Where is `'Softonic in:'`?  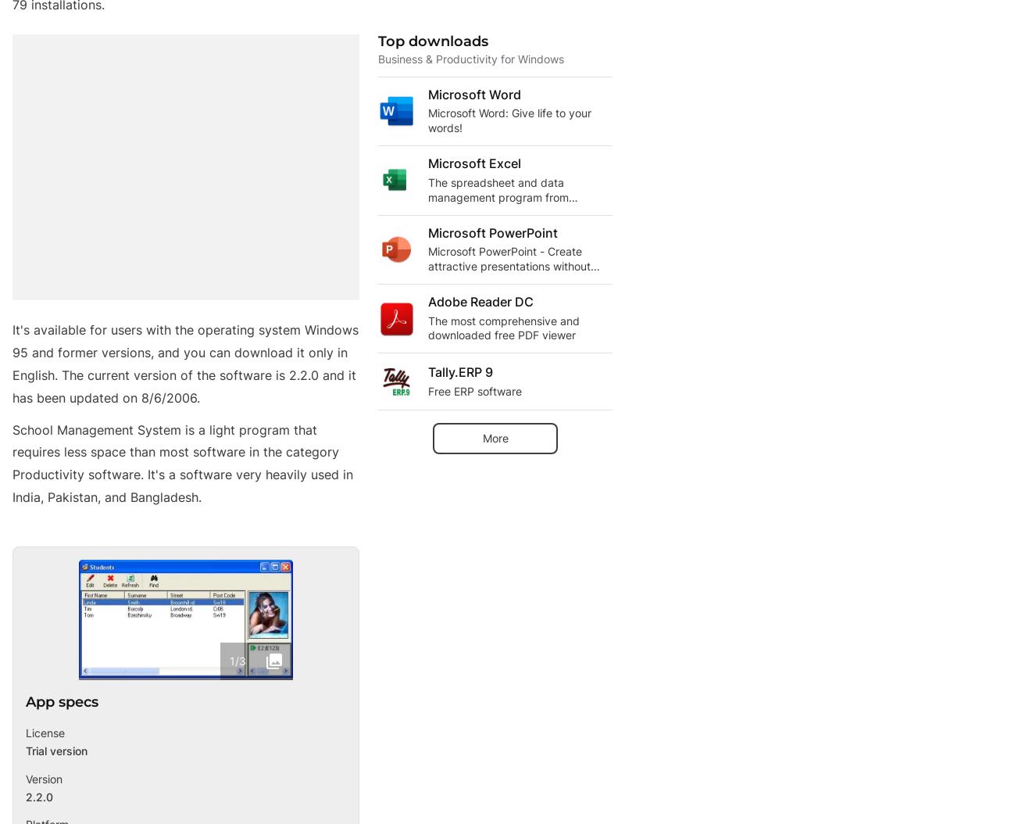 'Softonic in:' is located at coordinates (59, 769).